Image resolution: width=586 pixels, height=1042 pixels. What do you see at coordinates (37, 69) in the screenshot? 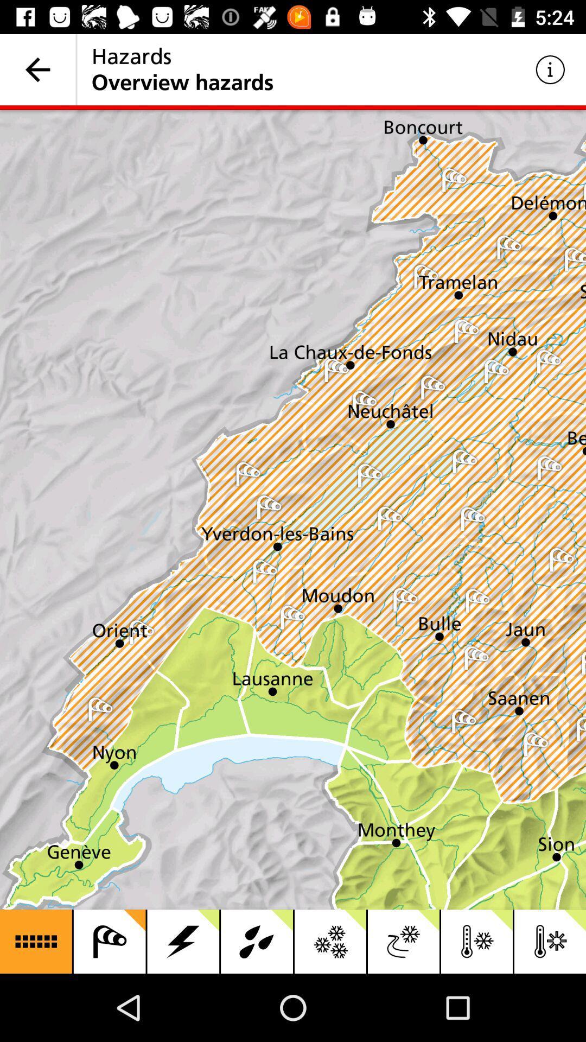
I see `icon to the left of hazards item` at bounding box center [37, 69].